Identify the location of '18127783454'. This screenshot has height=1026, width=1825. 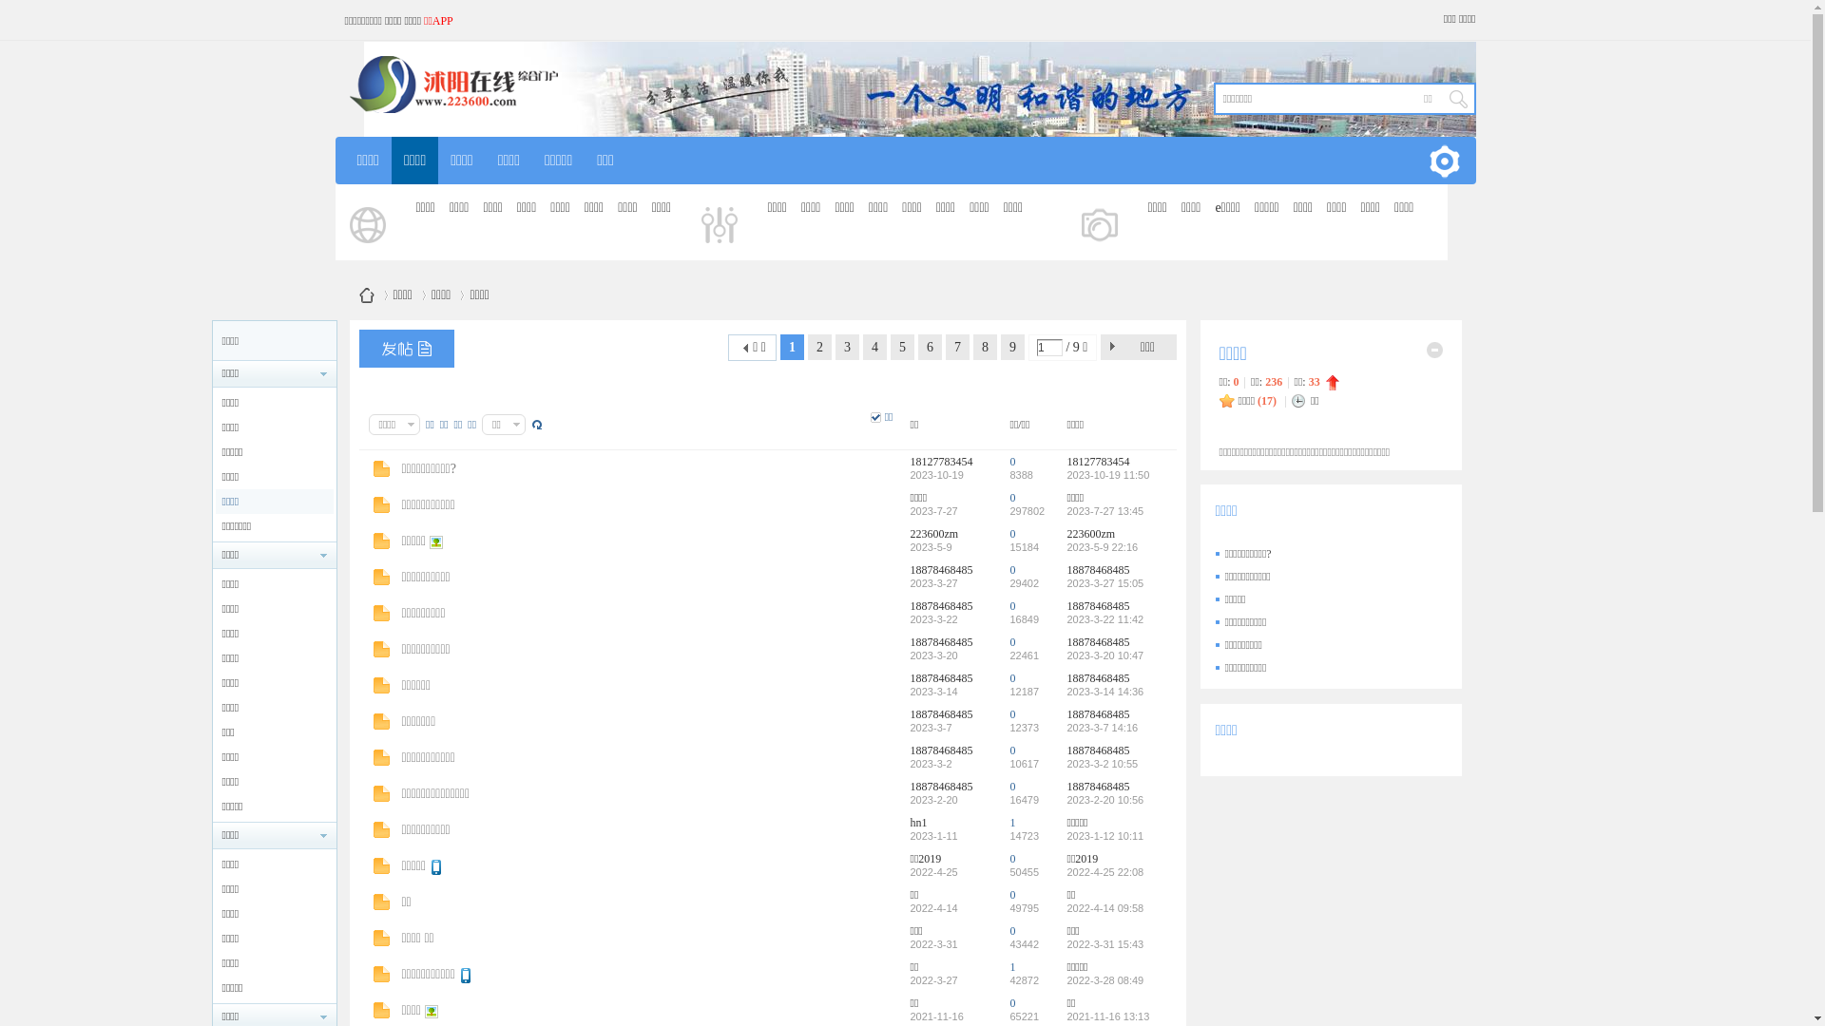
(941, 462).